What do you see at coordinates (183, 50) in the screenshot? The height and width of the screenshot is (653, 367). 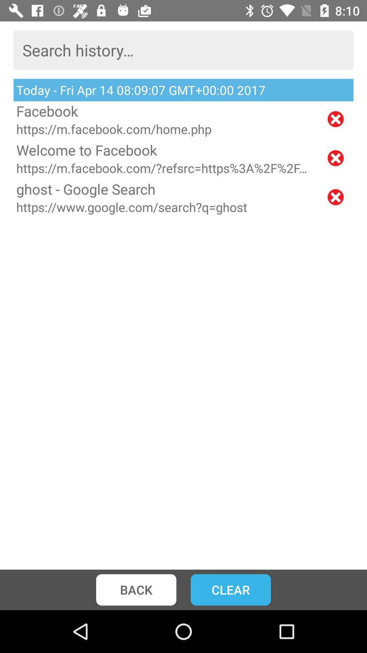 I see `the item above the today fri apr icon` at bounding box center [183, 50].